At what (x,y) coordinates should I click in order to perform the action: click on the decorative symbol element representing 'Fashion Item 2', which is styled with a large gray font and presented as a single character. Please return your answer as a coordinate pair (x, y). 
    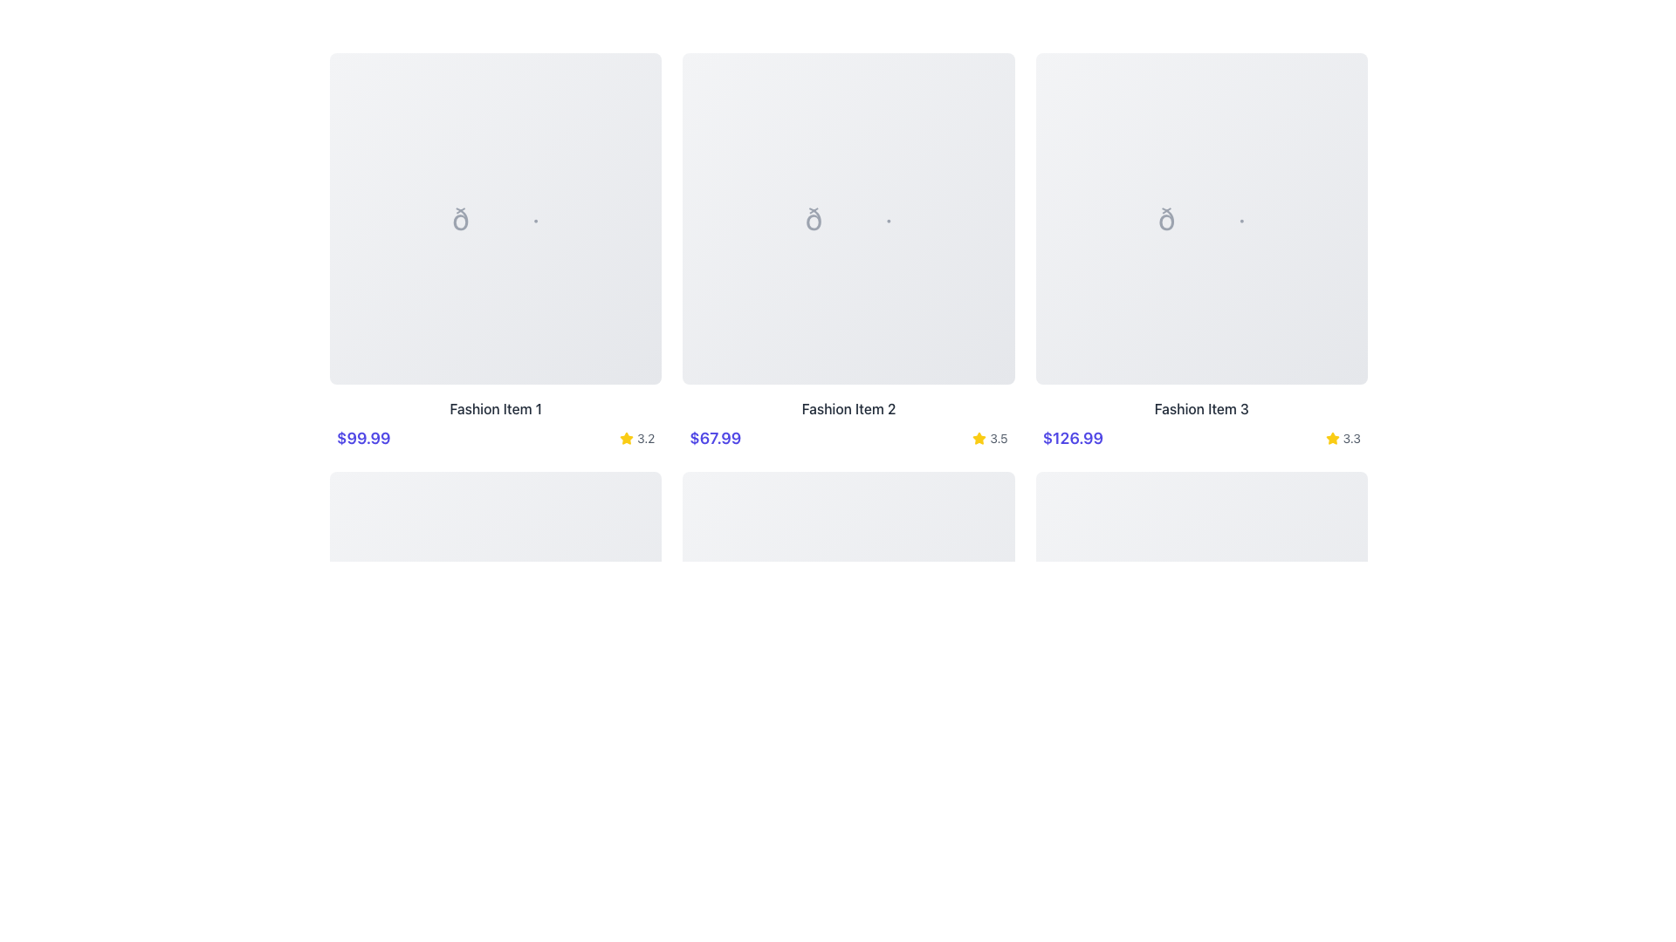
    Looking at the image, I should click on (848, 218).